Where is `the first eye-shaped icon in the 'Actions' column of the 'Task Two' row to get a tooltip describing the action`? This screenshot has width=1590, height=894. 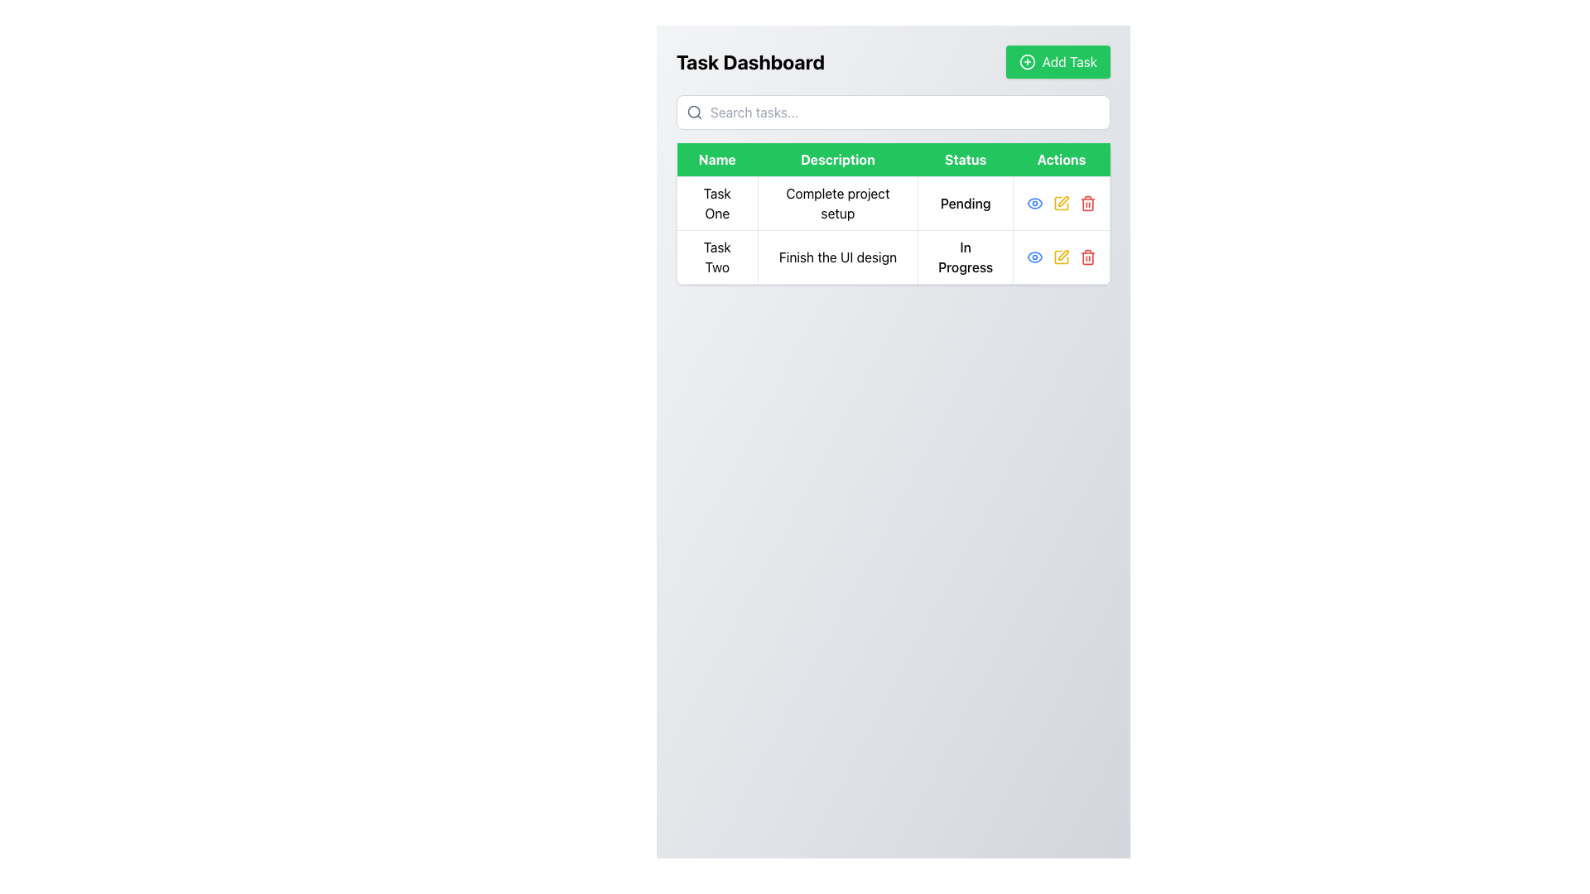 the first eye-shaped icon in the 'Actions' column of the 'Task Two' row to get a tooltip describing the action is located at coordinates (1033, 203).